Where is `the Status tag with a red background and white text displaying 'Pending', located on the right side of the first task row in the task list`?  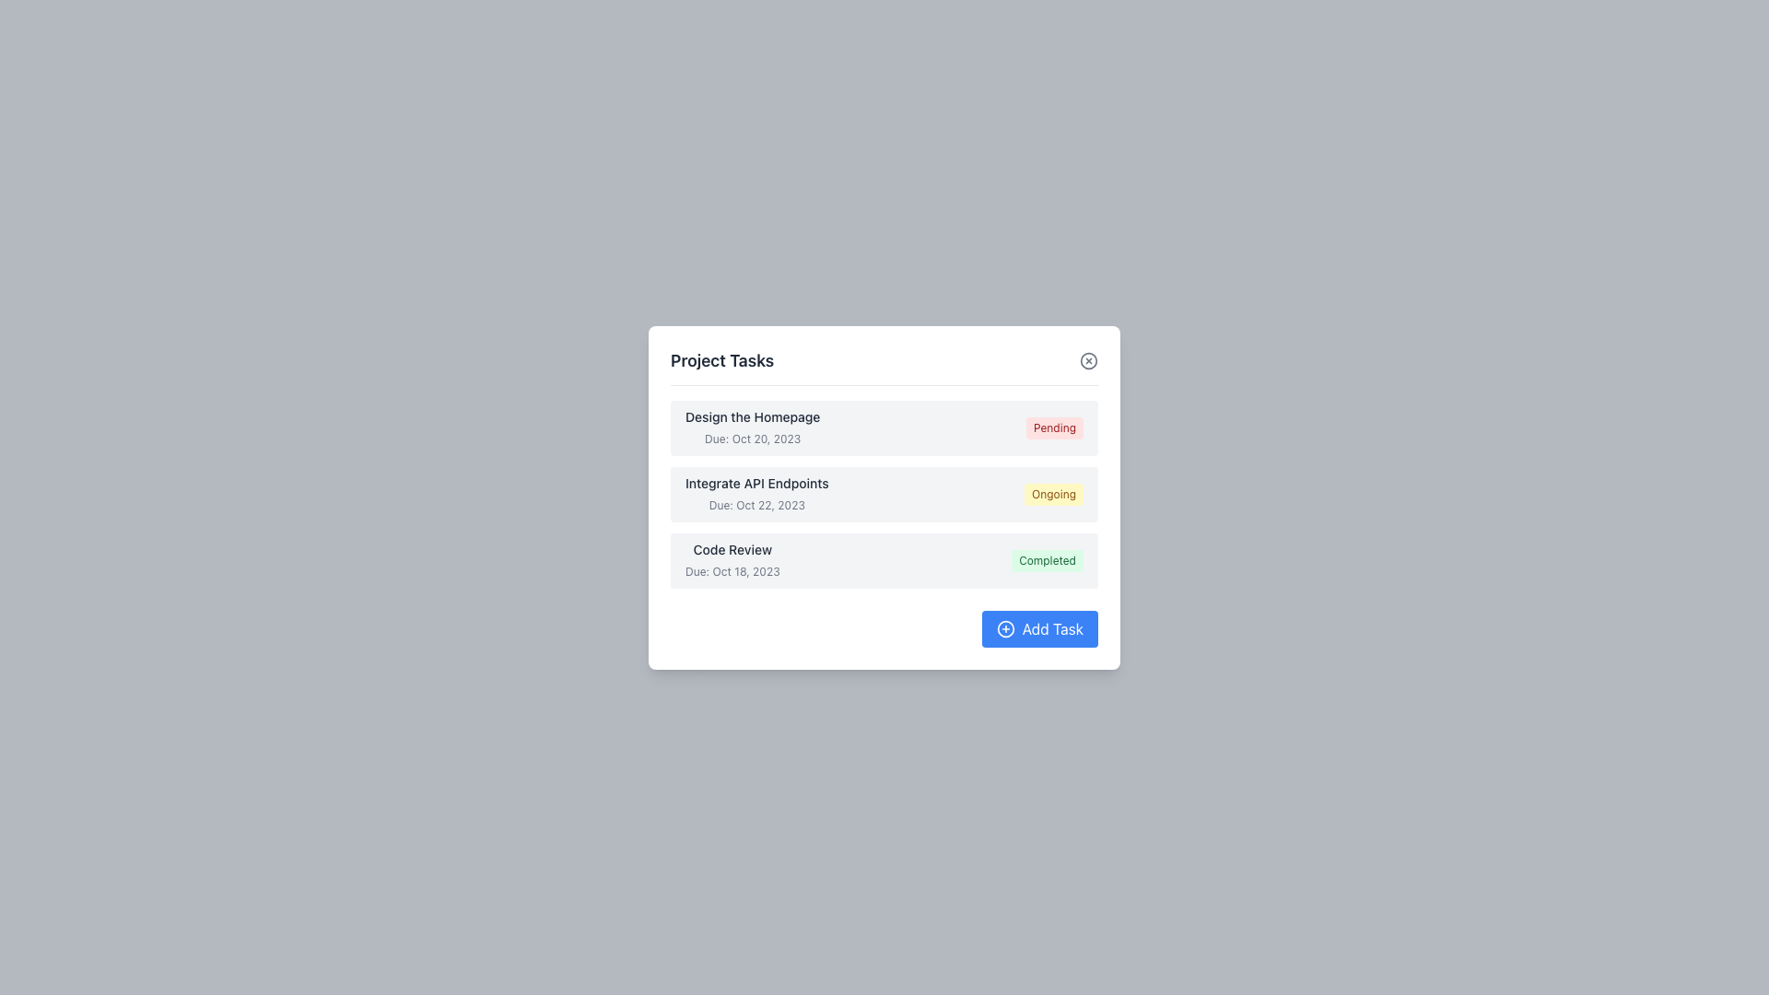 the Status tag with a red background and white text displaying 'Pending', located on the right side of the first task row in the task list is located at coordinates (1055, 427).